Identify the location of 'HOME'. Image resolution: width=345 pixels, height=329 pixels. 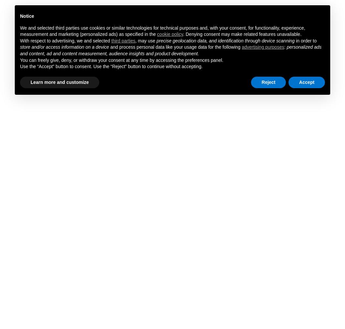
(251, 212).